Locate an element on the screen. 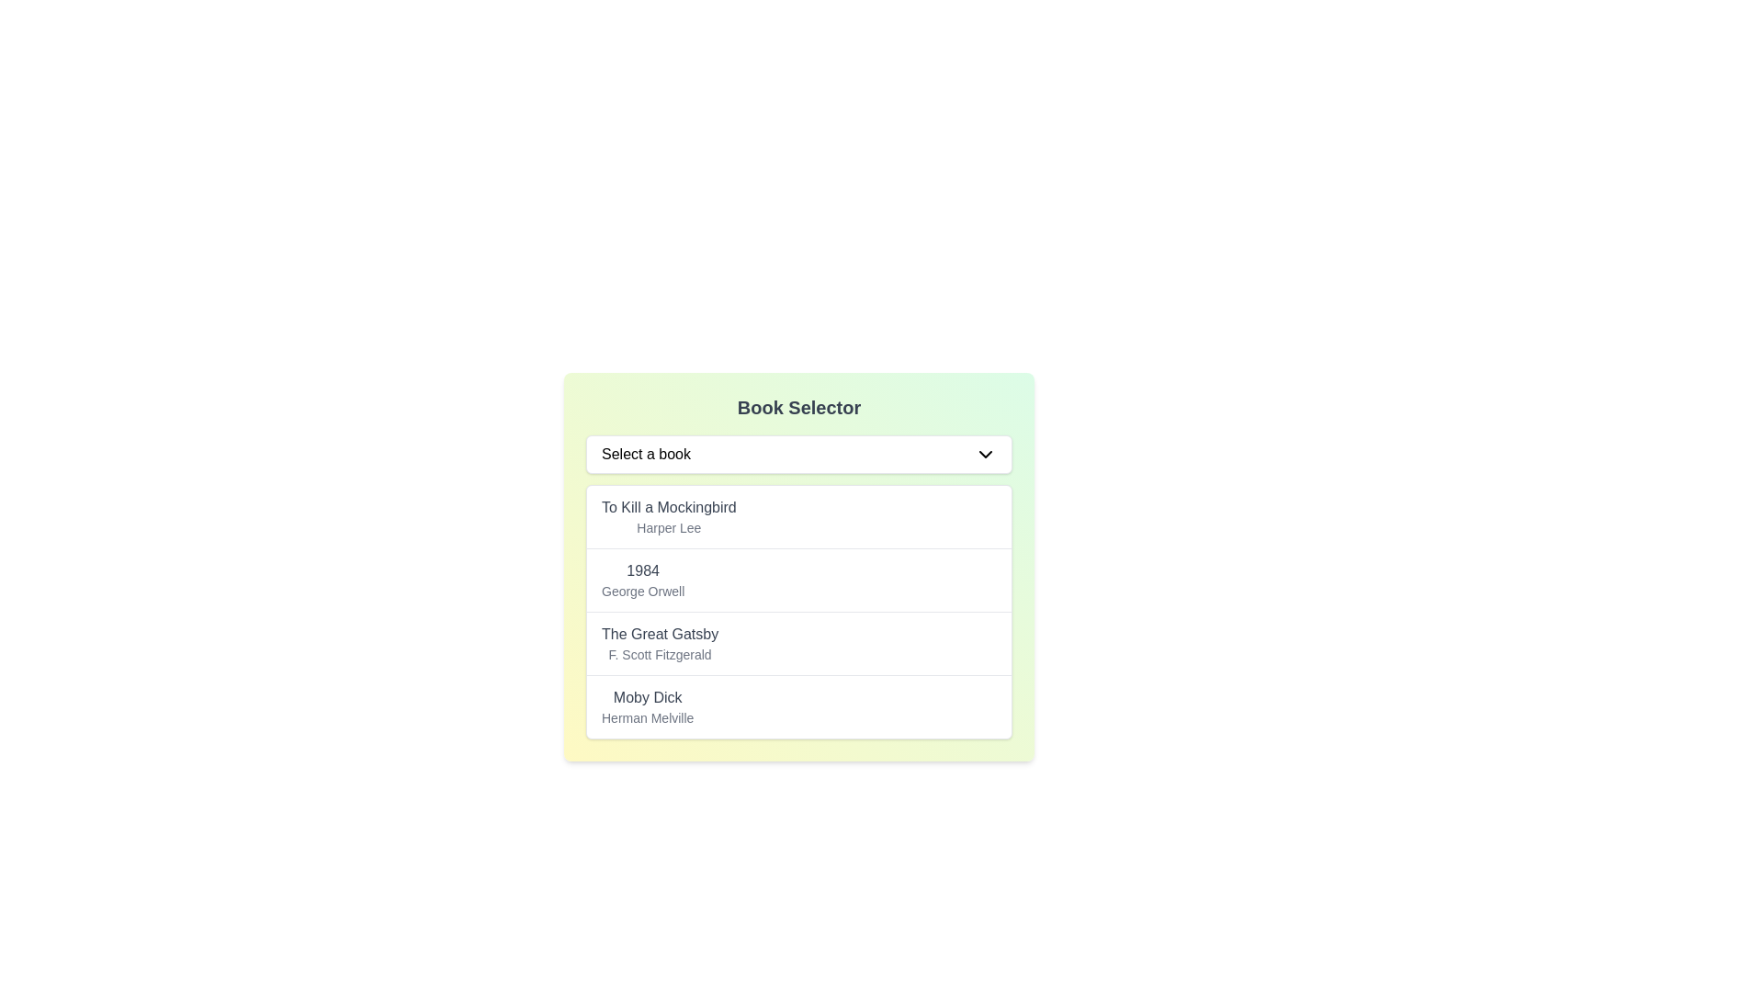 This screenshot has height=992, width=1764. the Dropdown menu toggle located in the 'Book Selector' panel is located at coordinates (798, 454).